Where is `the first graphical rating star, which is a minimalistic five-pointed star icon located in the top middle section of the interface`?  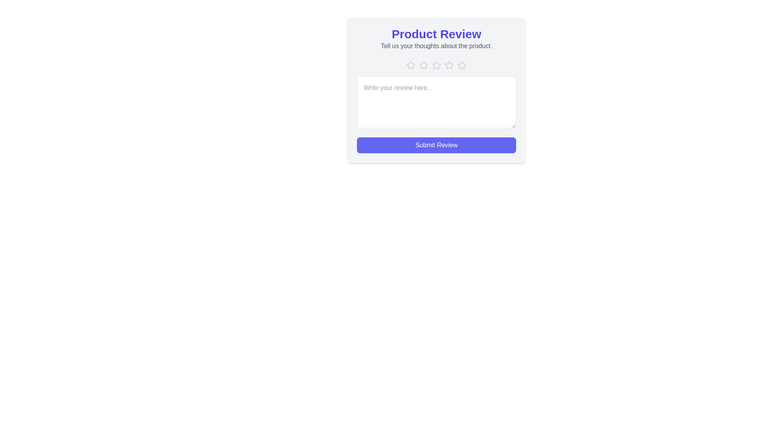
the first graphical rating star, which is a minimalistic five-pointed star icon located in the top middle section of the interface is located at coordinates (411, 64).